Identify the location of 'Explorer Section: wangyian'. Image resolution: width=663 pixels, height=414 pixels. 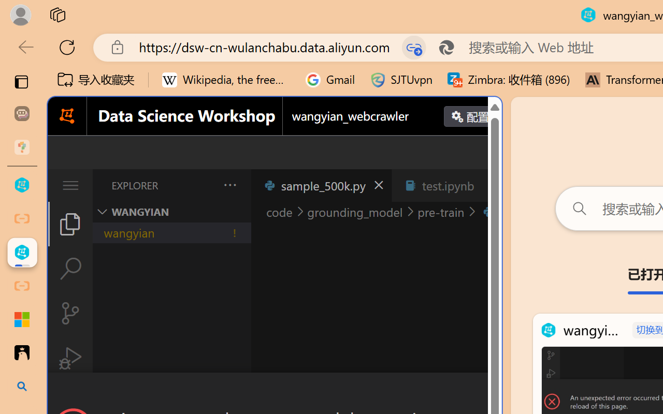
(171, 212).